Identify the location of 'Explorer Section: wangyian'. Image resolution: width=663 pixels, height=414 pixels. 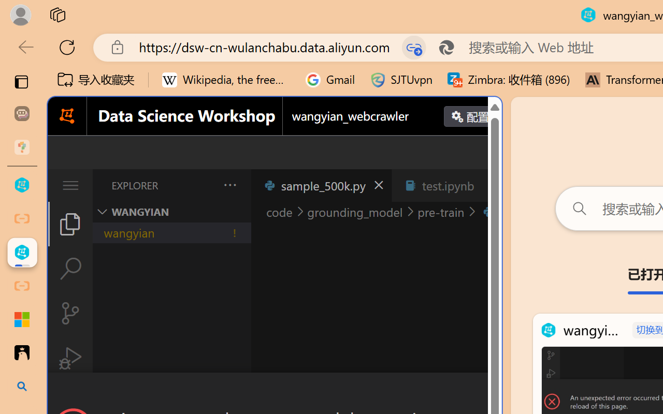
(171, 212).